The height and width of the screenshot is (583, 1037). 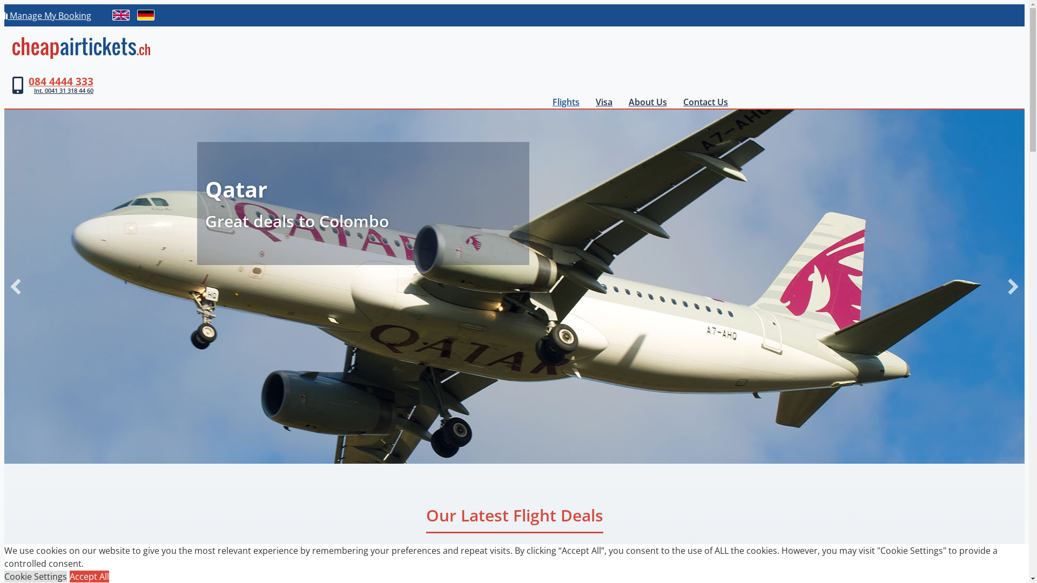 I want to click on 'Accept All', so click(x=89, y=576).